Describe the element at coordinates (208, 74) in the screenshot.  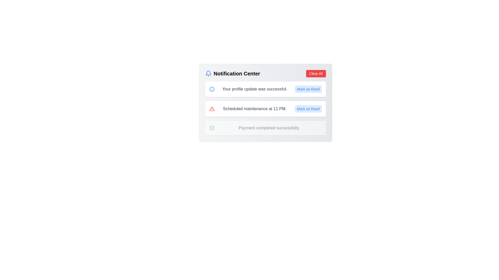
I see `the bell icon located to the left of the 'Notification Center' text in the notifications panel` at that location.